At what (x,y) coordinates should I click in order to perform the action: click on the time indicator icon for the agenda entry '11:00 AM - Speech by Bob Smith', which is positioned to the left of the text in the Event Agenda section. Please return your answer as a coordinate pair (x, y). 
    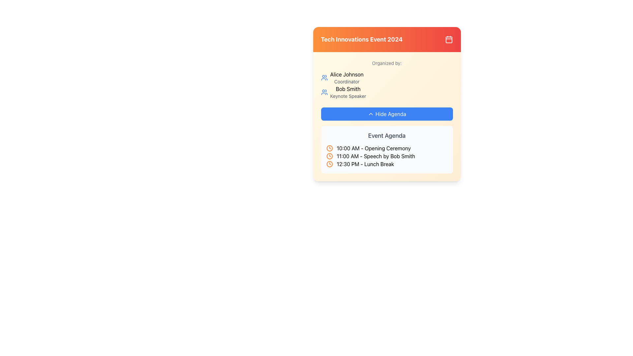
    Looking at the image, I should click on (329, 156).